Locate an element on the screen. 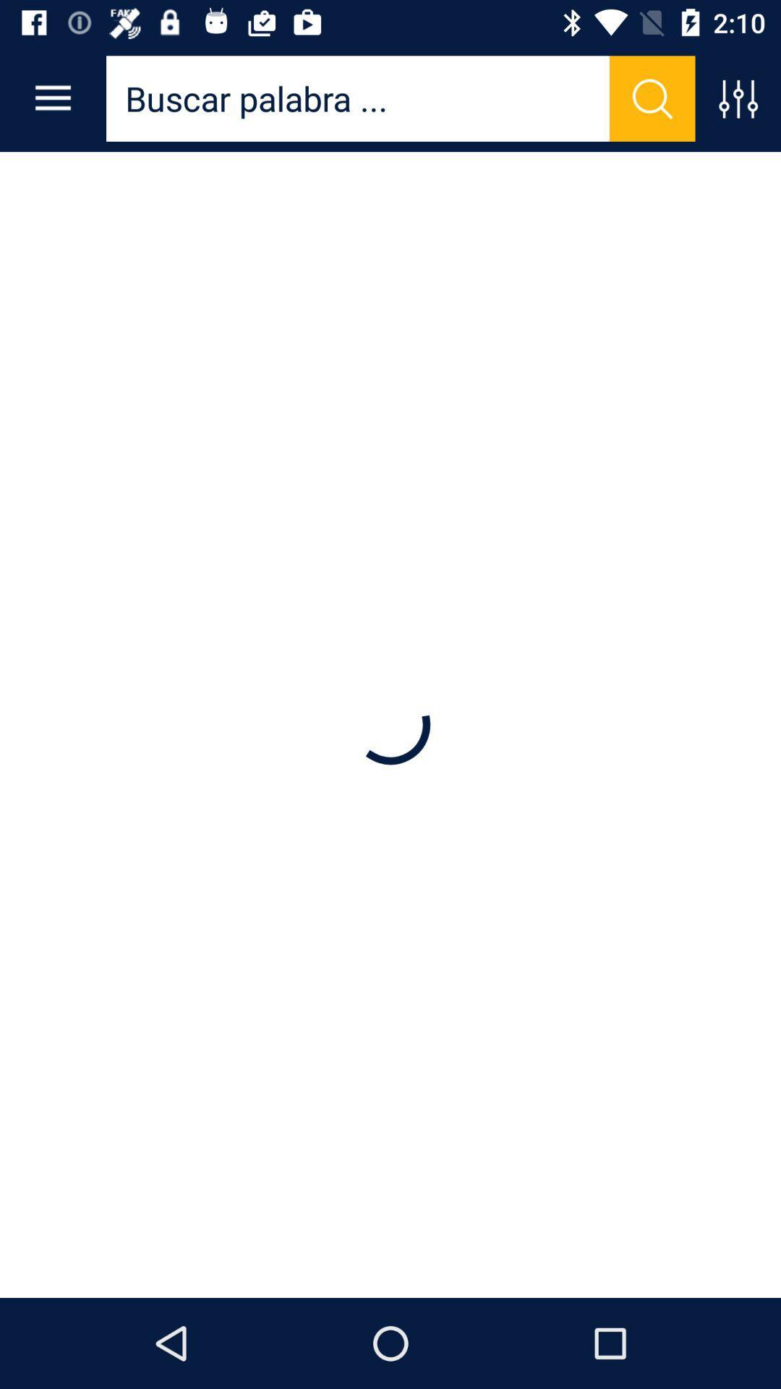 This screenshot has width=781, height=1389. search your requirement is located at coordinates (357, 98).